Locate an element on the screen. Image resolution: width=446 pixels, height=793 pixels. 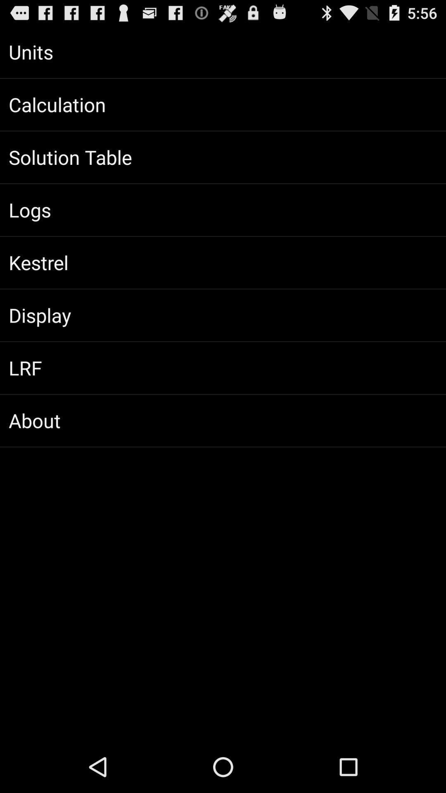
the icon below units item is located at coordinates (223, 104).